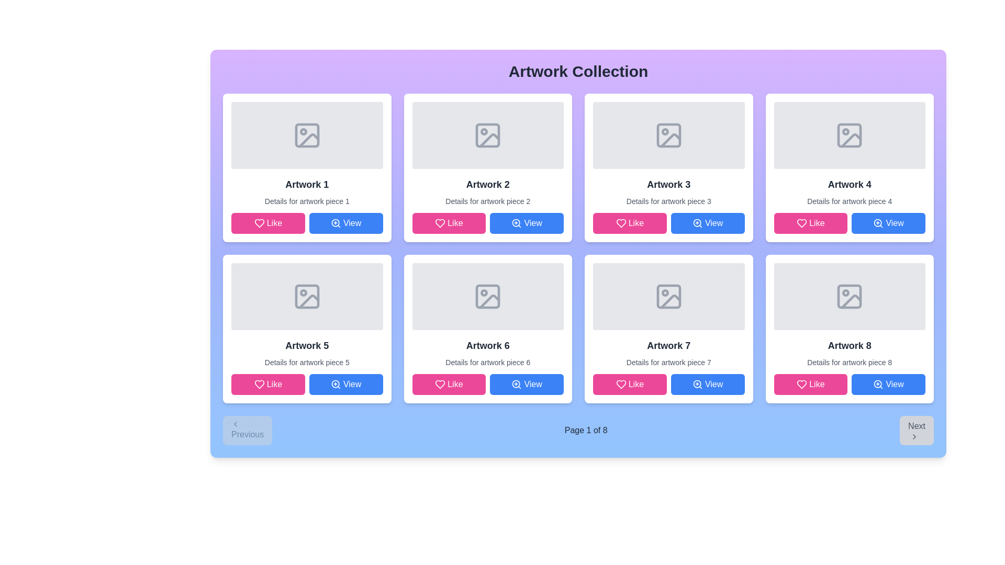 Image resolution: width=1005 pixels, height=565 pixels. Describe the element at coordinates (878, 385) in the screenshot. I see `the magnifying glass icon with a plus sign inside the 'View' button for 'Artwork 8'` at that location.